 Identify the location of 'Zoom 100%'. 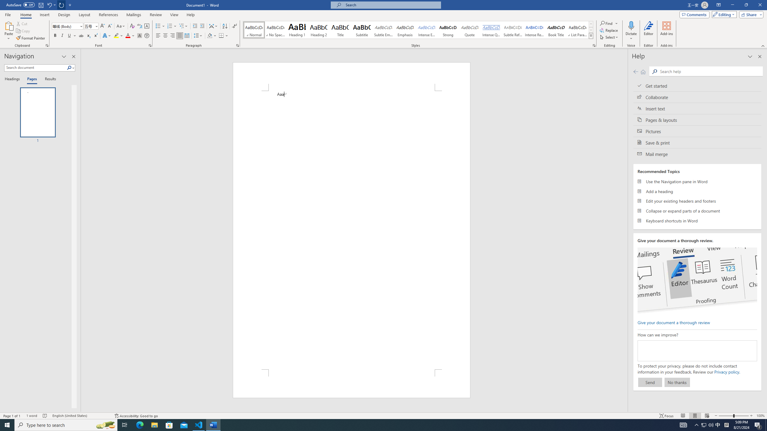
(760, 416).